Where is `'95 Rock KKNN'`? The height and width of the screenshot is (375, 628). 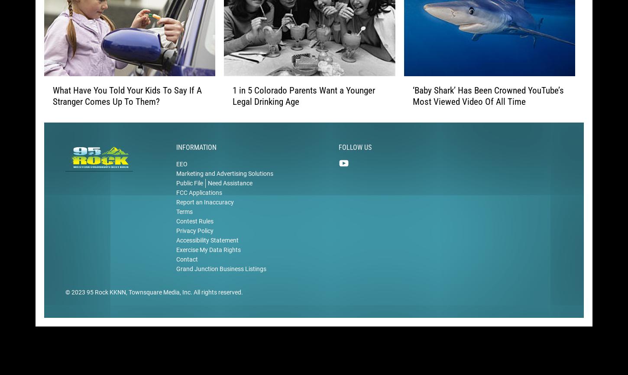
'95 Rock KKNN' is located at coordinates (106, 303).